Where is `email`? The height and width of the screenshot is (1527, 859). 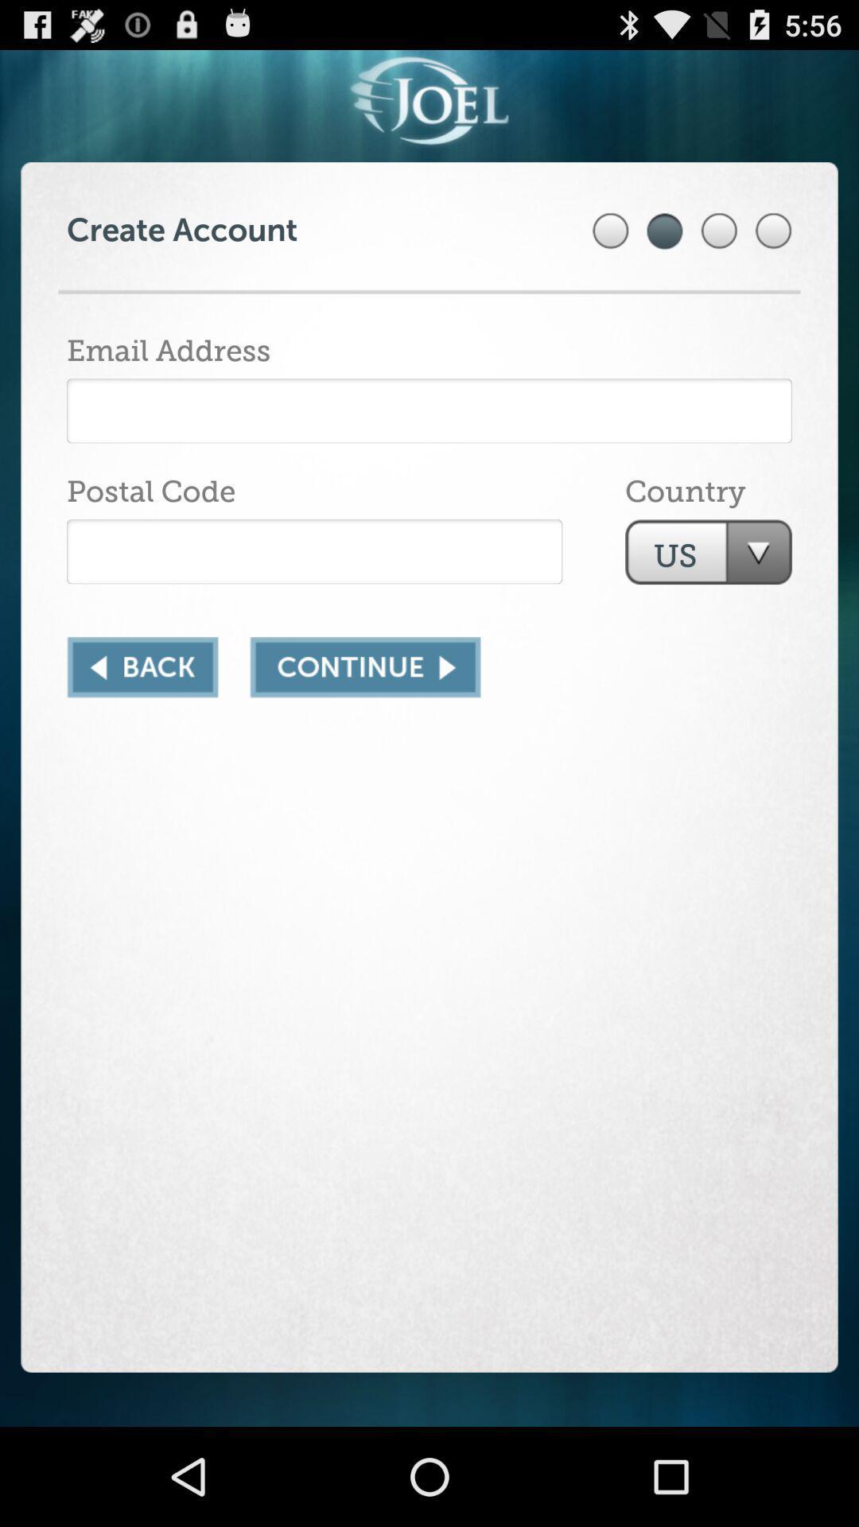
email is located at coordinates (429, 410).